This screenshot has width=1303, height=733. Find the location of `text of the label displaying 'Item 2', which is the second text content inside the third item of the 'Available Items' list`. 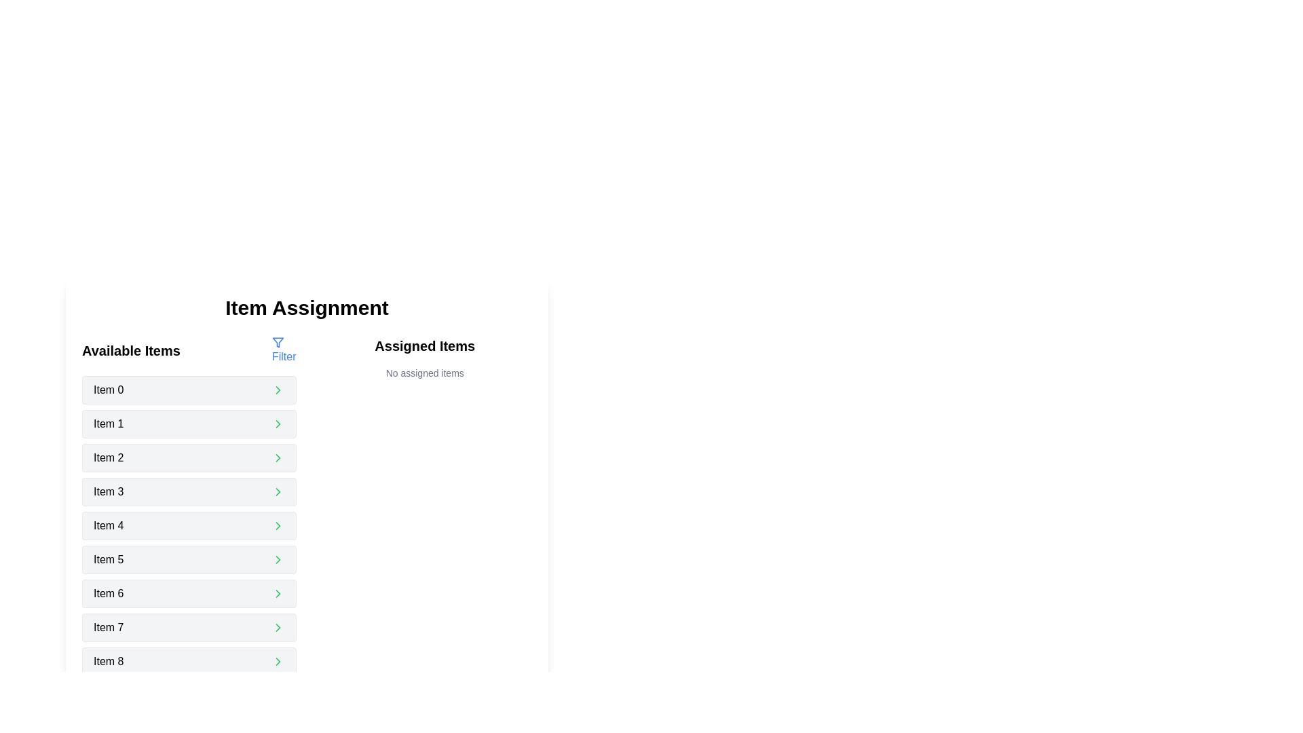

text of the label displaying 'Item 2', which is the second text content inside the third item of the 'Available Items' list is located at coordinates (109, 458).